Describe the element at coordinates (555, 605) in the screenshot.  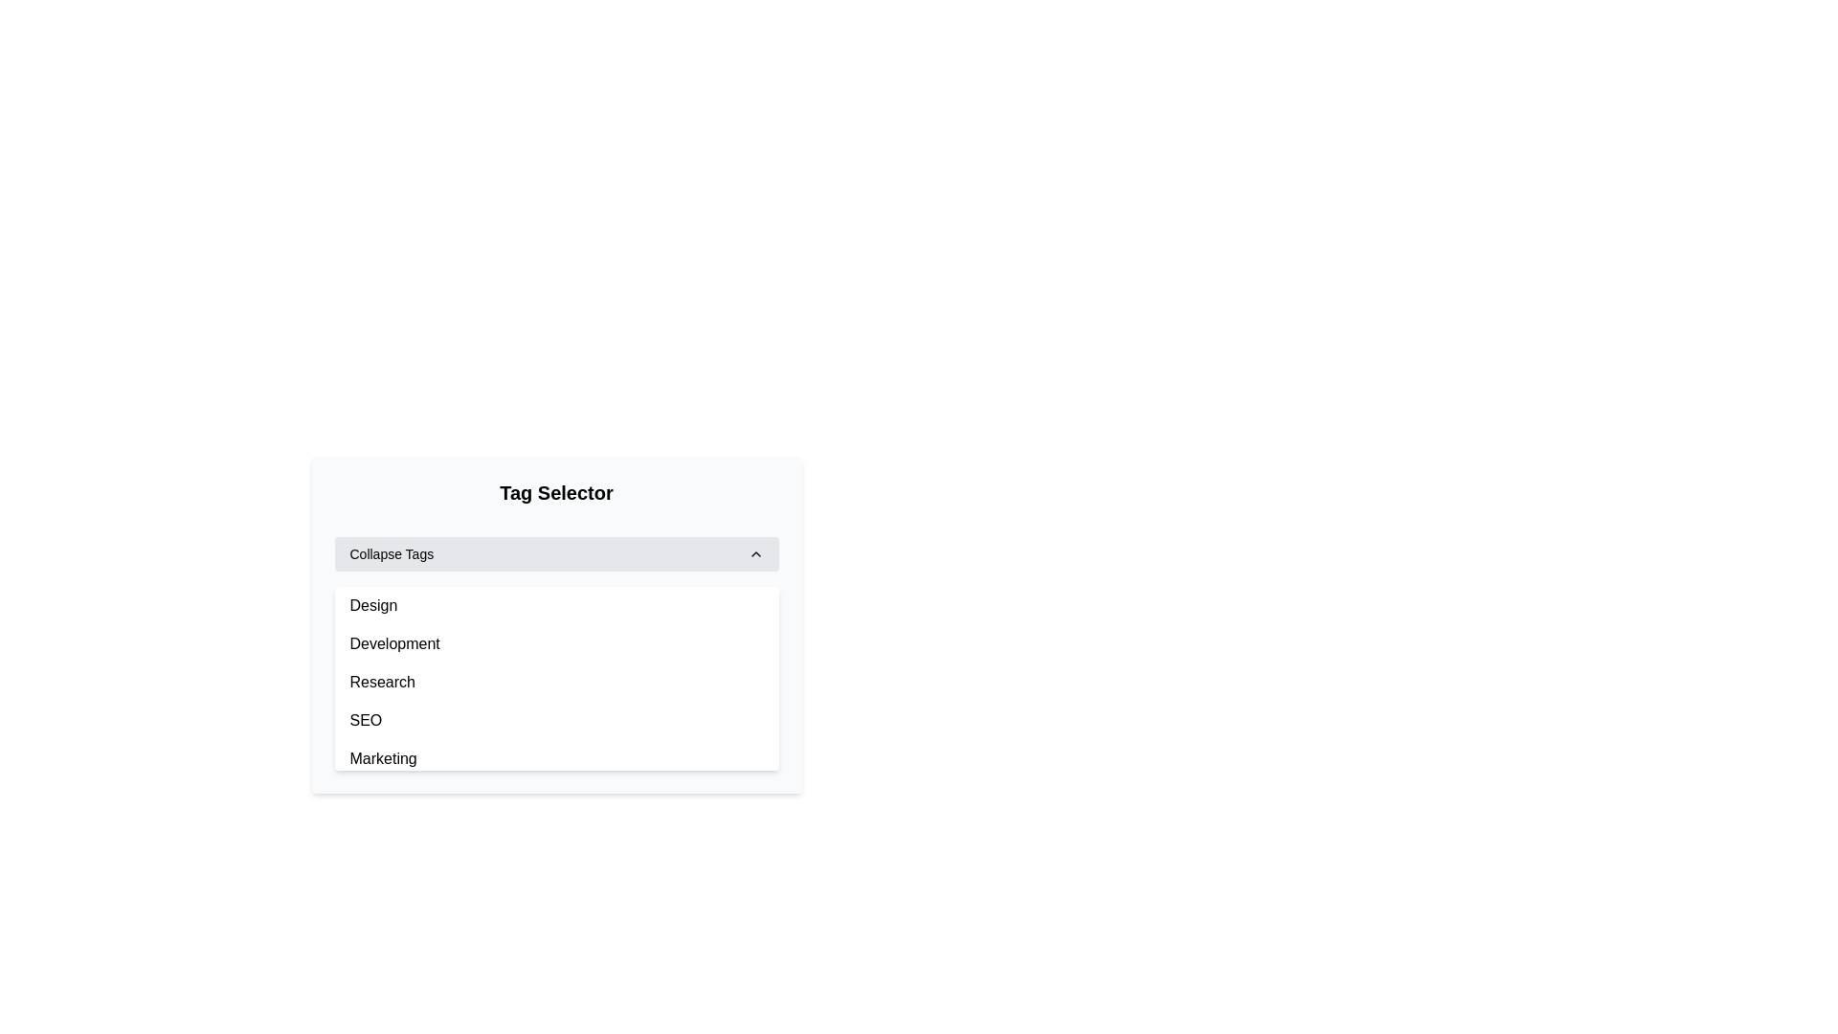
I see `the first list item labeled 'Design' within the 'Tag Selector' dropdown menu under 'Collapse Tags'` at that location.